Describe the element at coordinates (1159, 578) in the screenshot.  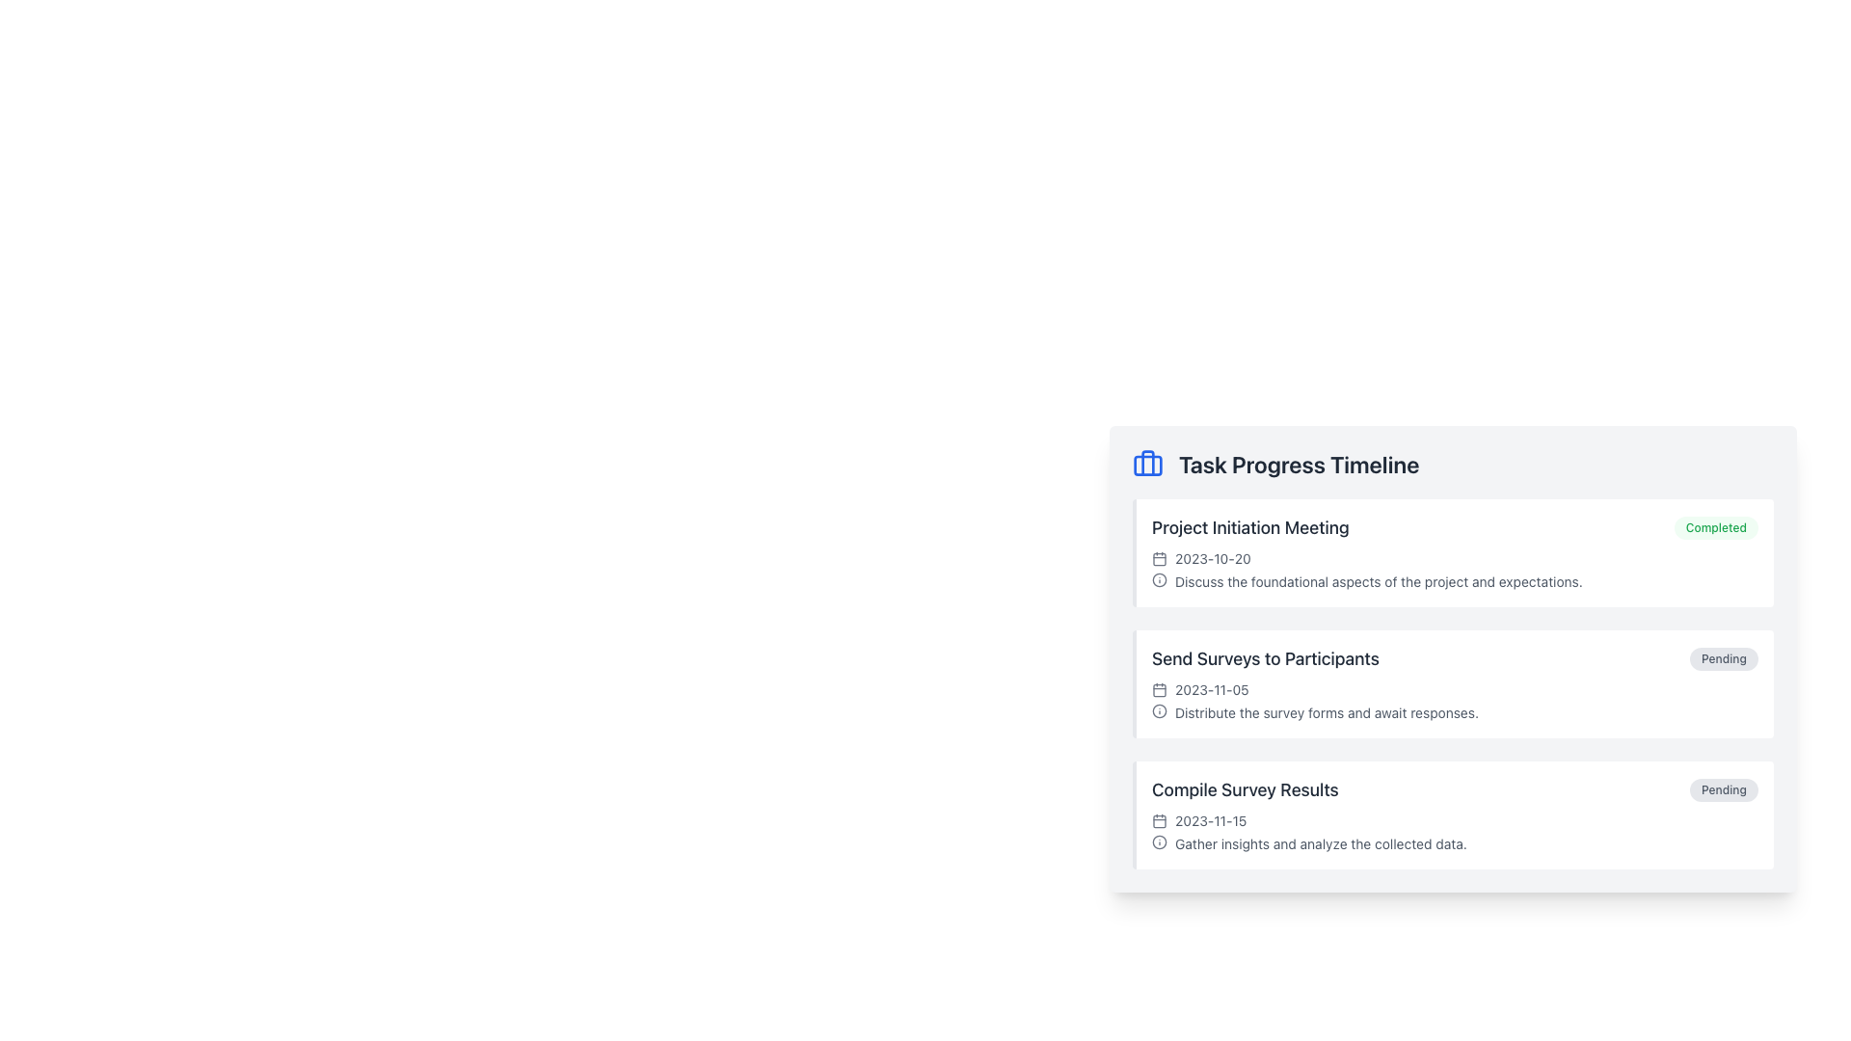
I see `the information icon, which is a gray-toned circle with an 'i' in the center, located at the beginning of the text in the 'Project Initiation Meeting' section of the 'Task Progress Timeline' widget` at that location.